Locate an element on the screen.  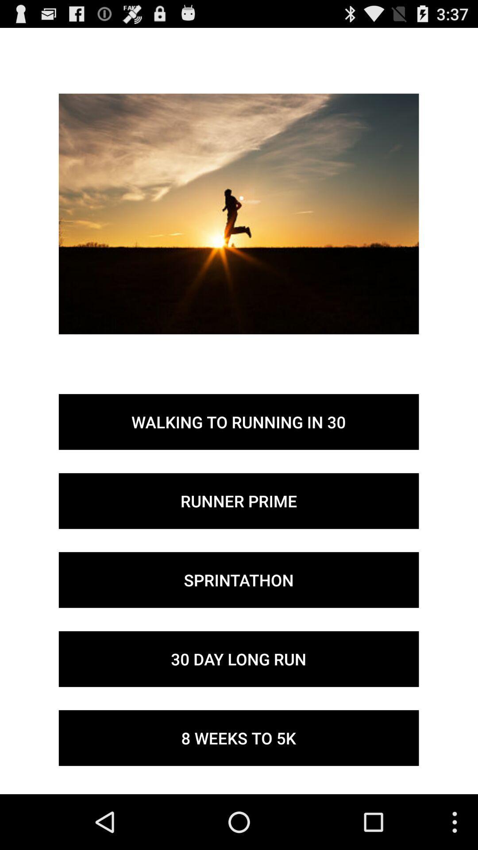
the icon above the runner prime icon is located at coordinates (238, 421).